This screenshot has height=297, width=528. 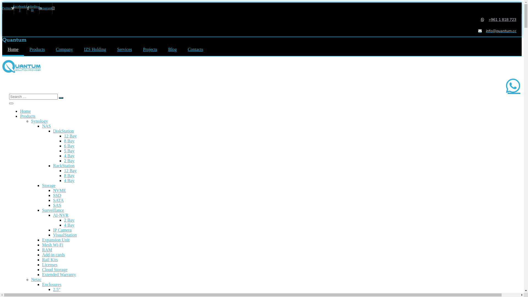 I want to click on 'Instagram', so click(x=40, y=8).